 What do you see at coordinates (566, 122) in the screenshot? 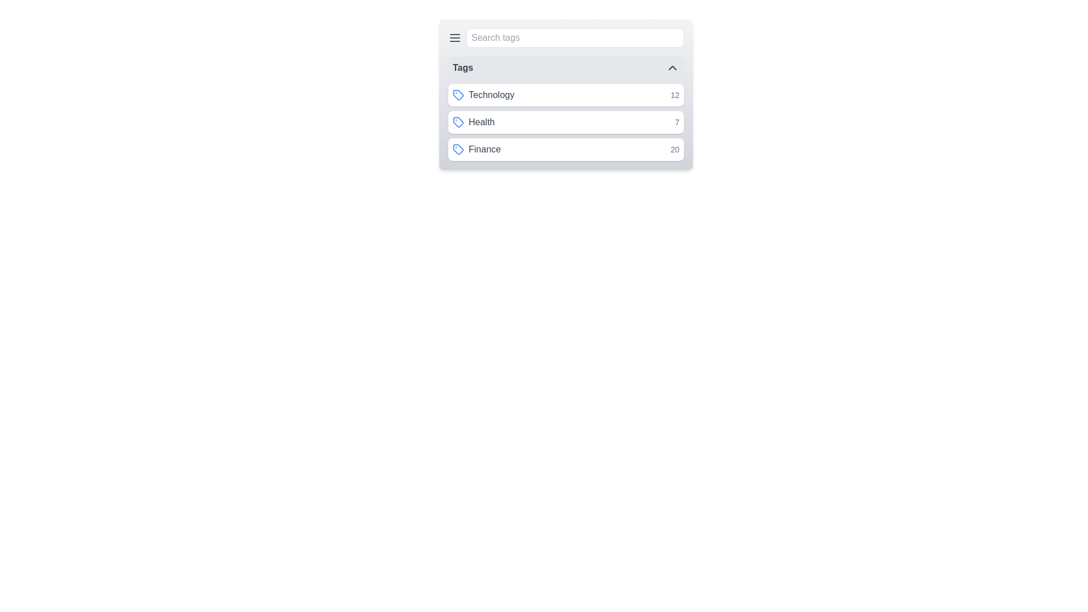
I see `the tag Health from the list` at bounding box center [566, 122].